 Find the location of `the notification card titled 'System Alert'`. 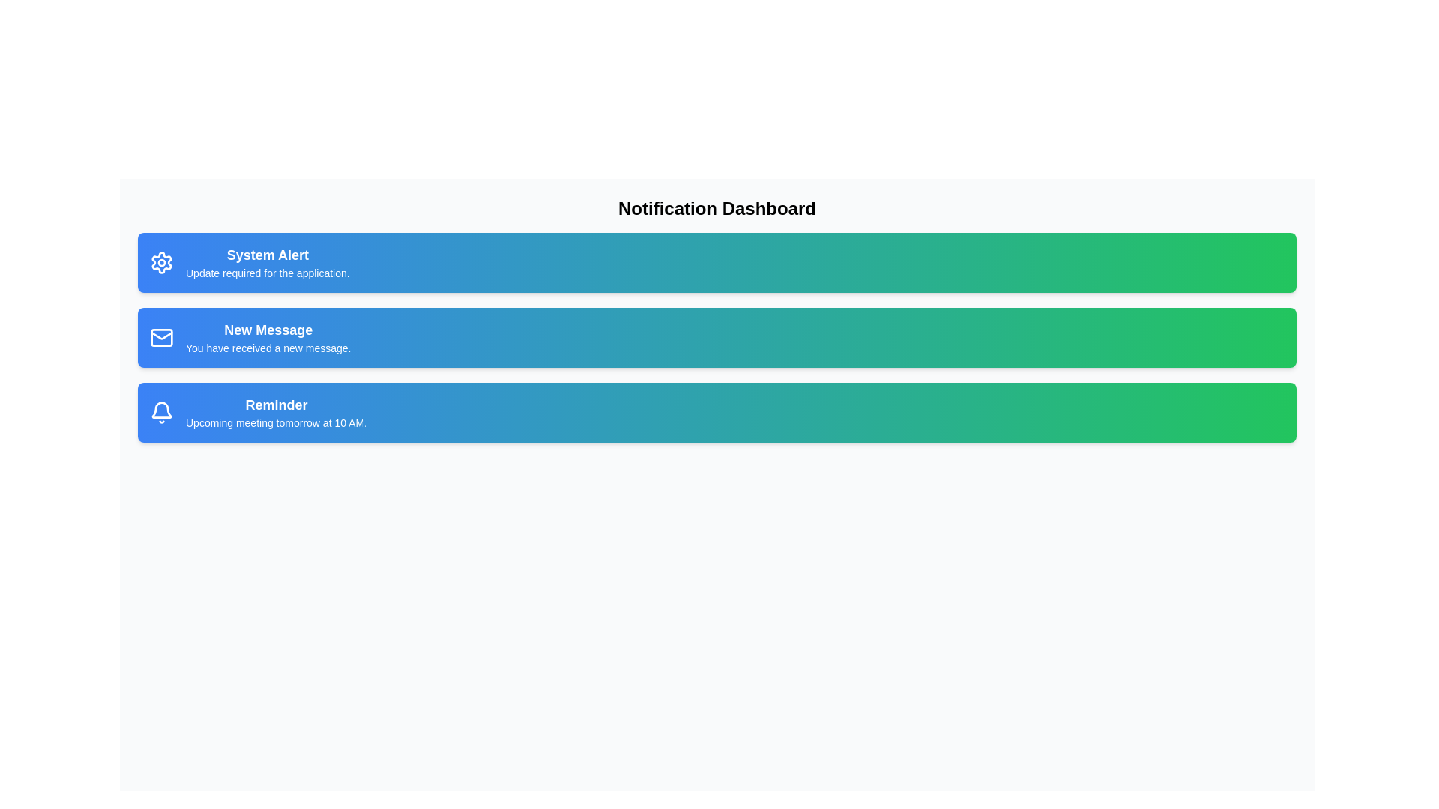

the notification card titled 'System Alert' is located at coordinates (716, 262).